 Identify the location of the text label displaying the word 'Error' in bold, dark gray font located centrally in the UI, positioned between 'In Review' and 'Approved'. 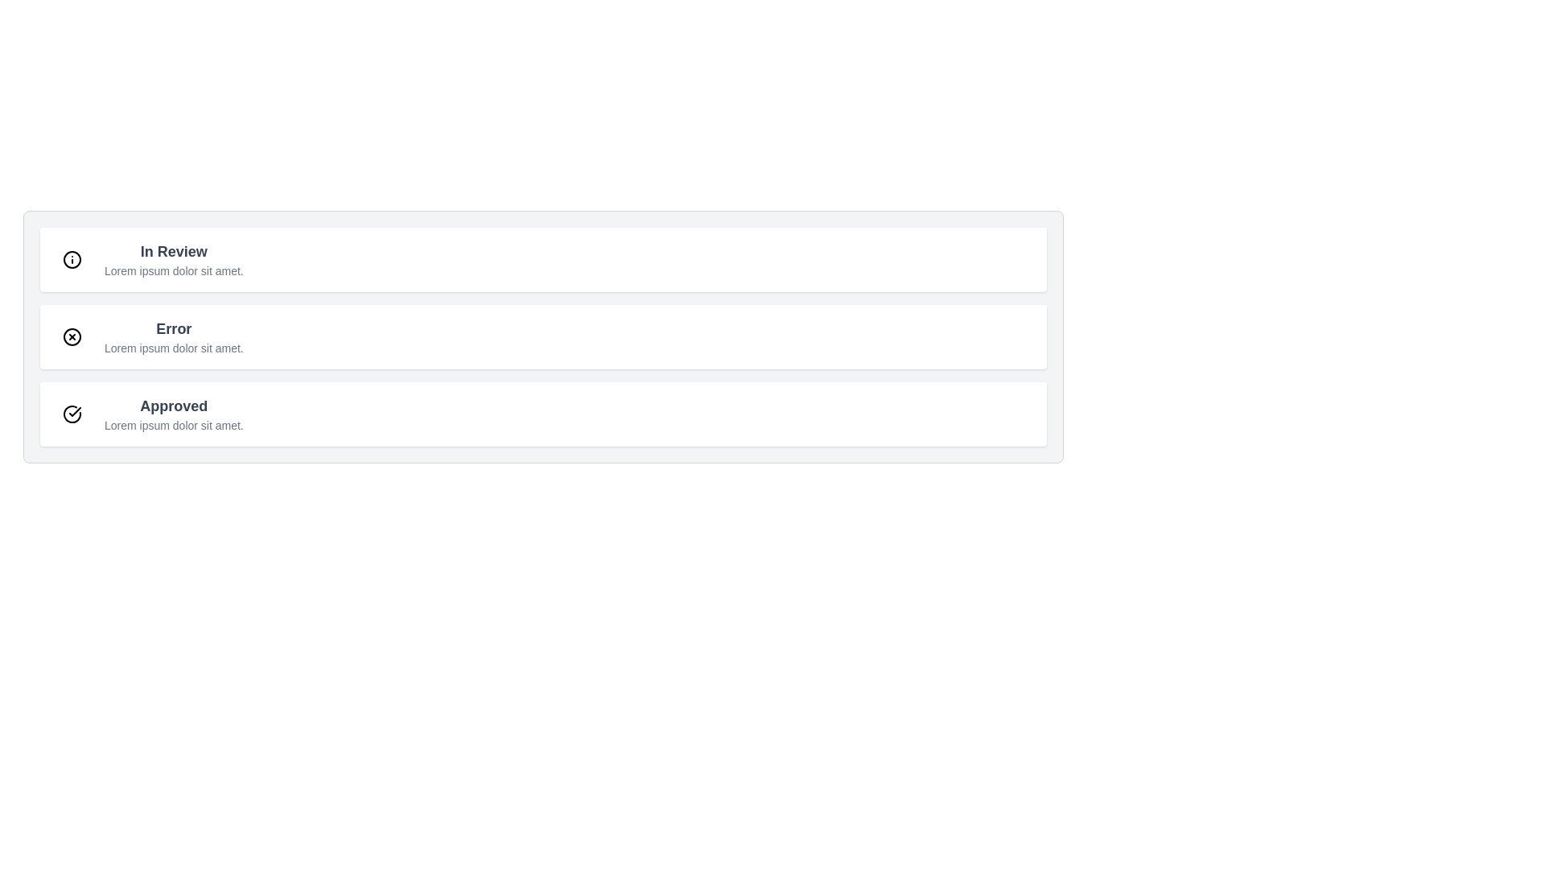
(174, 327).